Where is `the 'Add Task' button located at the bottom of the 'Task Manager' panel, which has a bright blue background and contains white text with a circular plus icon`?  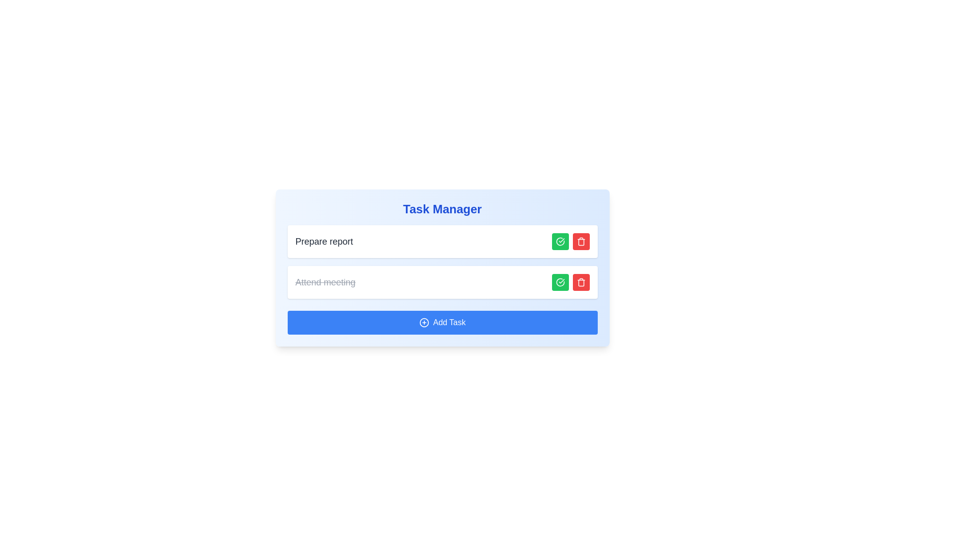
the 'Add Task' button located at the bottom of the 'Task Manager' panel, which has a bright blue background and contains white text with a circular plus icon is located at coordinates (442, 322).